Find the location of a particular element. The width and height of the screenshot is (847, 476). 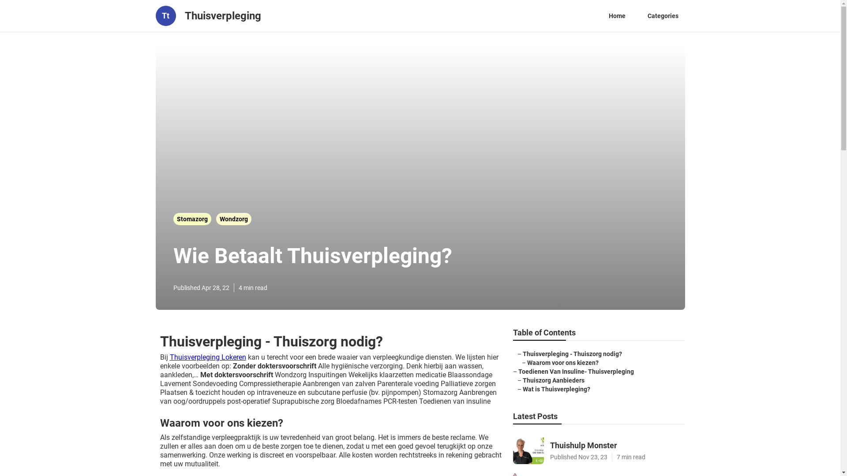

'Wondzorg' is located at coordinates (233, 219).